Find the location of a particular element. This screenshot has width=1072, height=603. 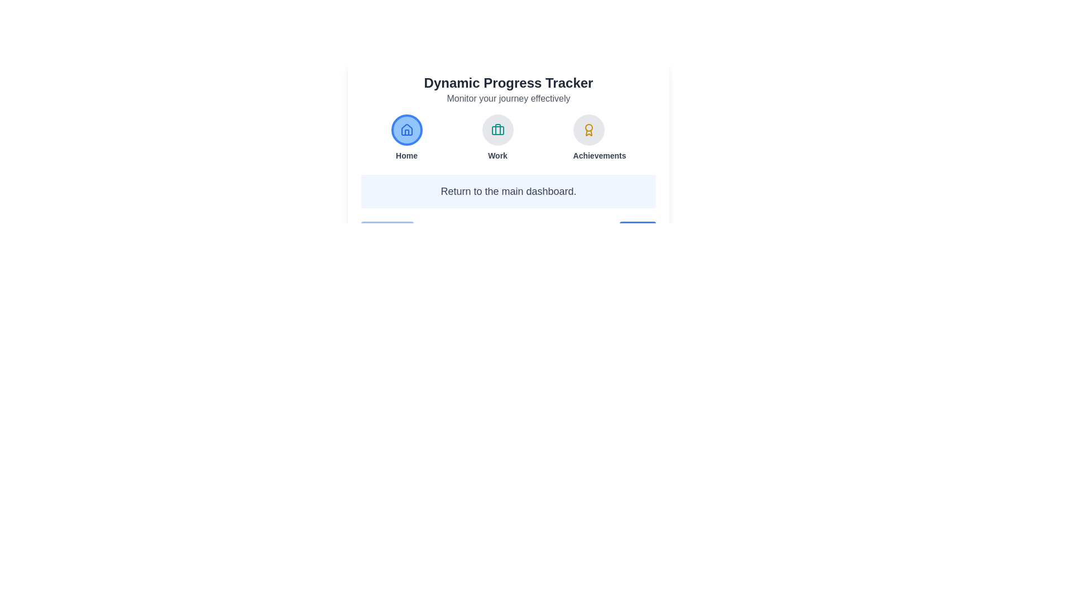

the Previous button to navigate between steps is located at coordinates (387, 232).